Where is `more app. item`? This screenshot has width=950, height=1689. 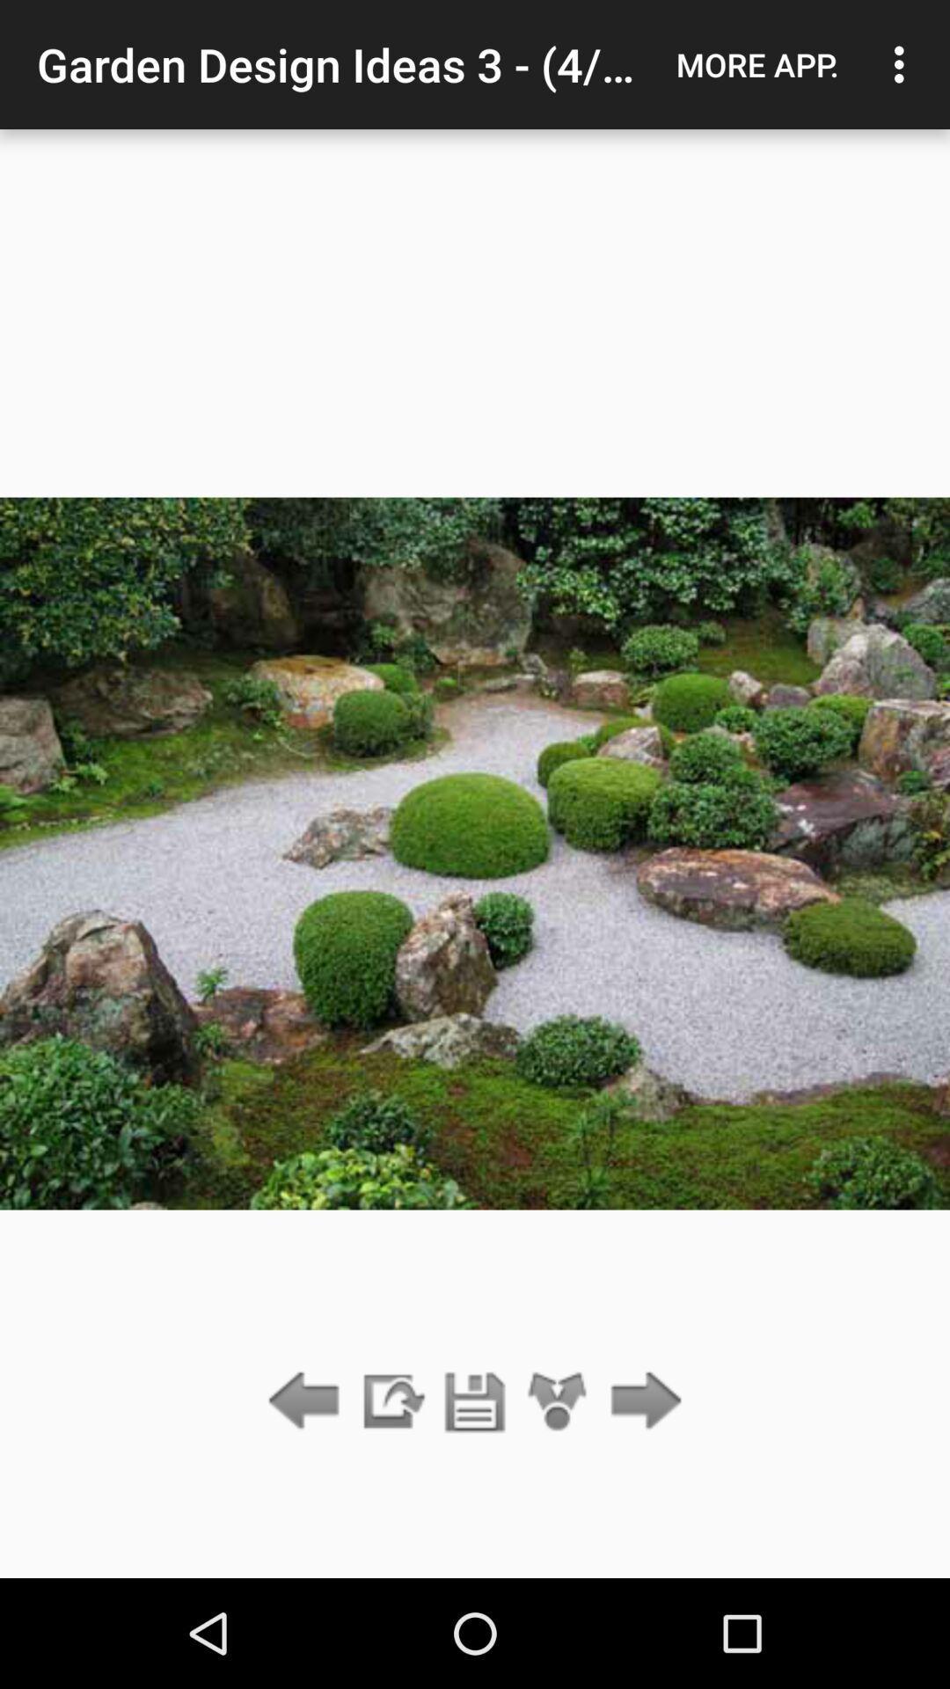 more app. item is located at coordinates (756, 64).